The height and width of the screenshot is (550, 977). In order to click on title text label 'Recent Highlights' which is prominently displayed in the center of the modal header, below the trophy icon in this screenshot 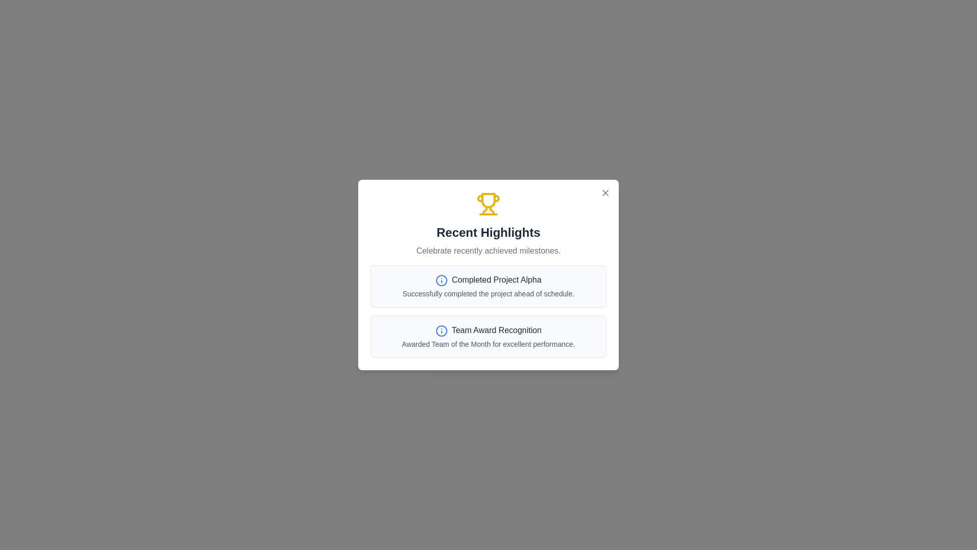, I will do `click(489, 232)`.